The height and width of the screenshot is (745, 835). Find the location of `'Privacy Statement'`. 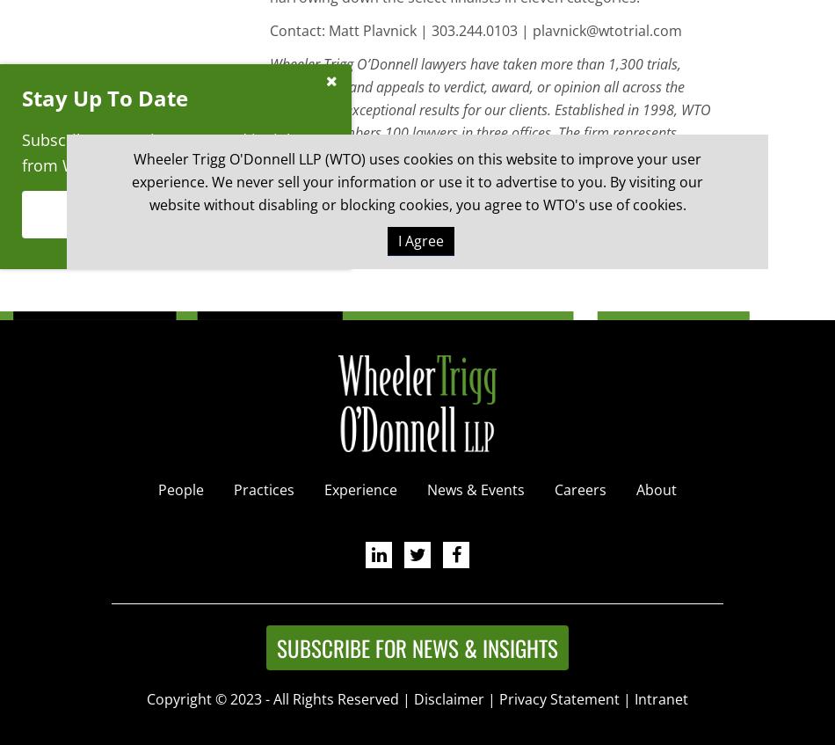

'Privacy Statement' is located at coordinates (559, 698).